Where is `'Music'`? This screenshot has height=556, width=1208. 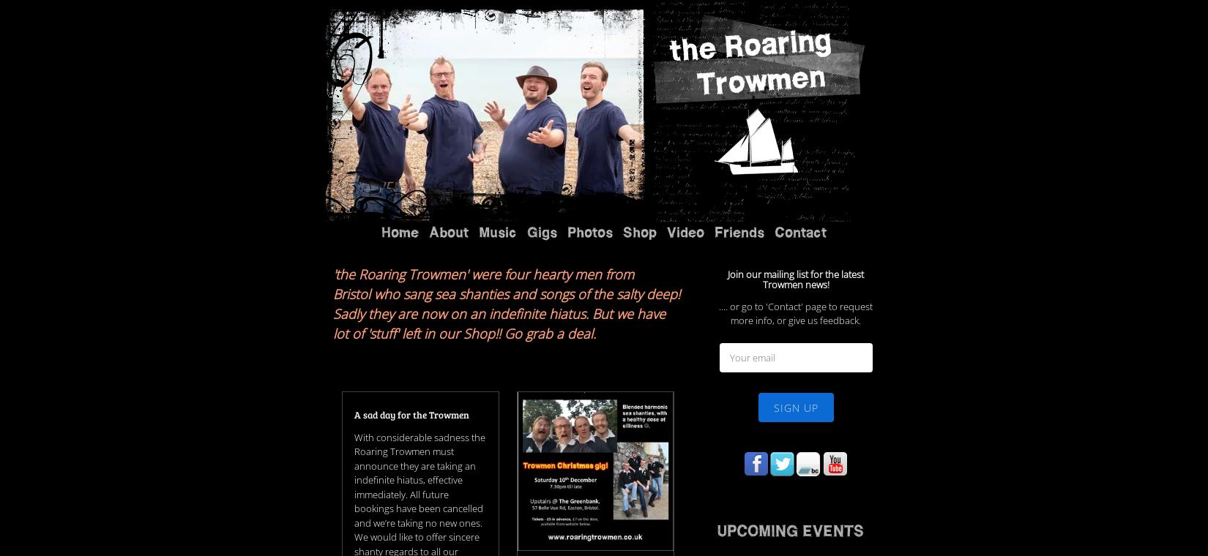 'Music' is located at coordinates (478, 50).